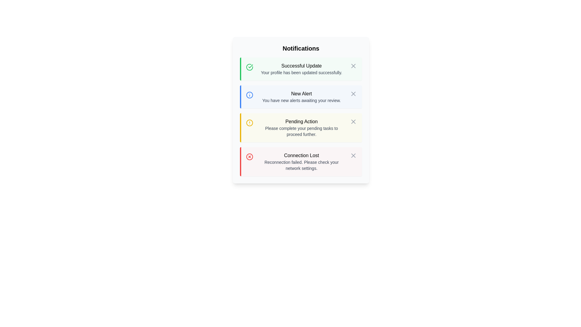 The height and width of the screenshot is (327, 581). What do you see at coordinates (250, 156) in the screenshot?
I see `the circular red icon with a white cross, which signifies an error` at bounding box center [250, 156].